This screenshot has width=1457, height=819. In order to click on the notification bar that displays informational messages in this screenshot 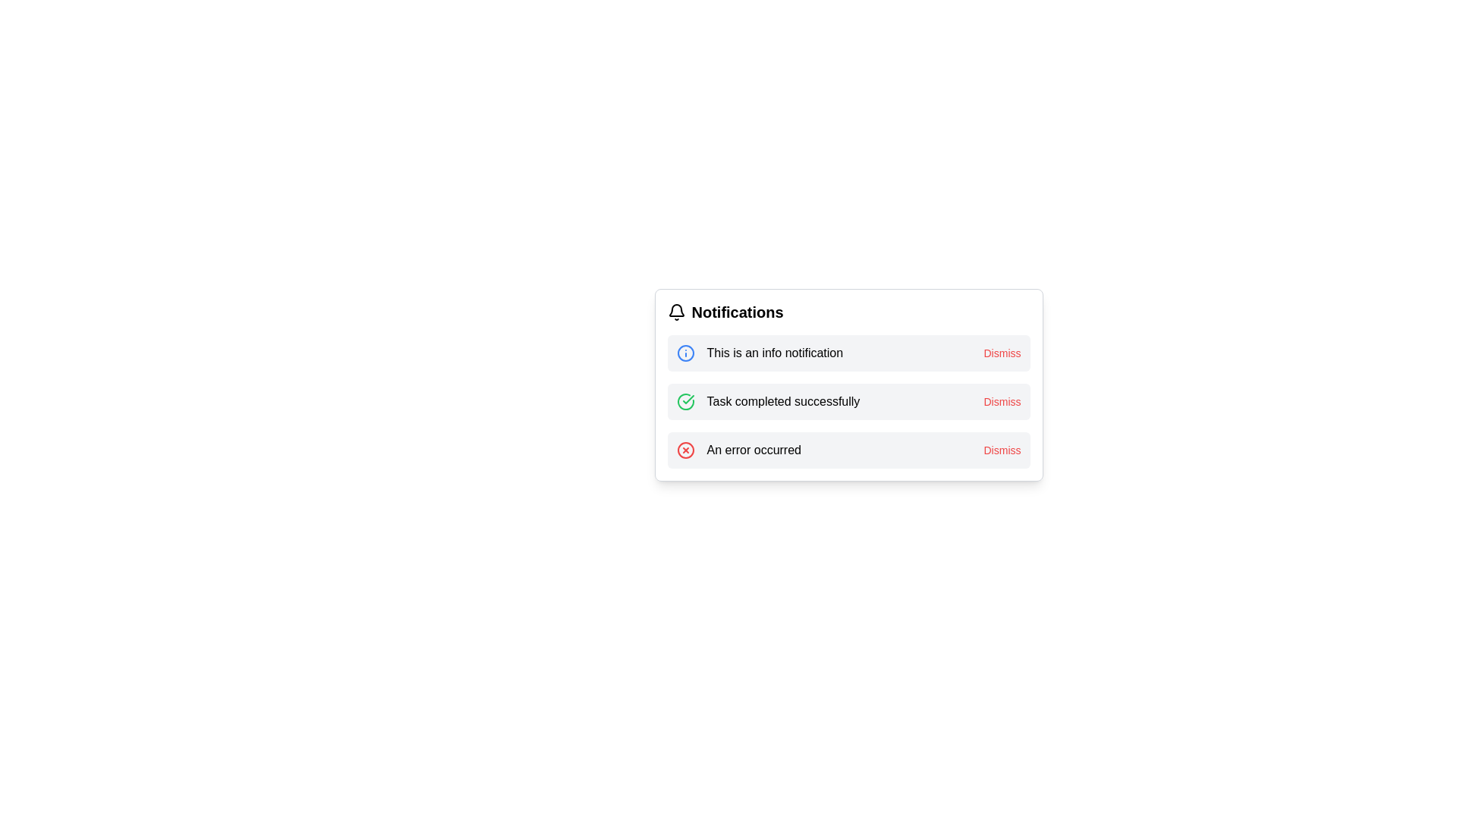, I will do `click(848, 353)`.